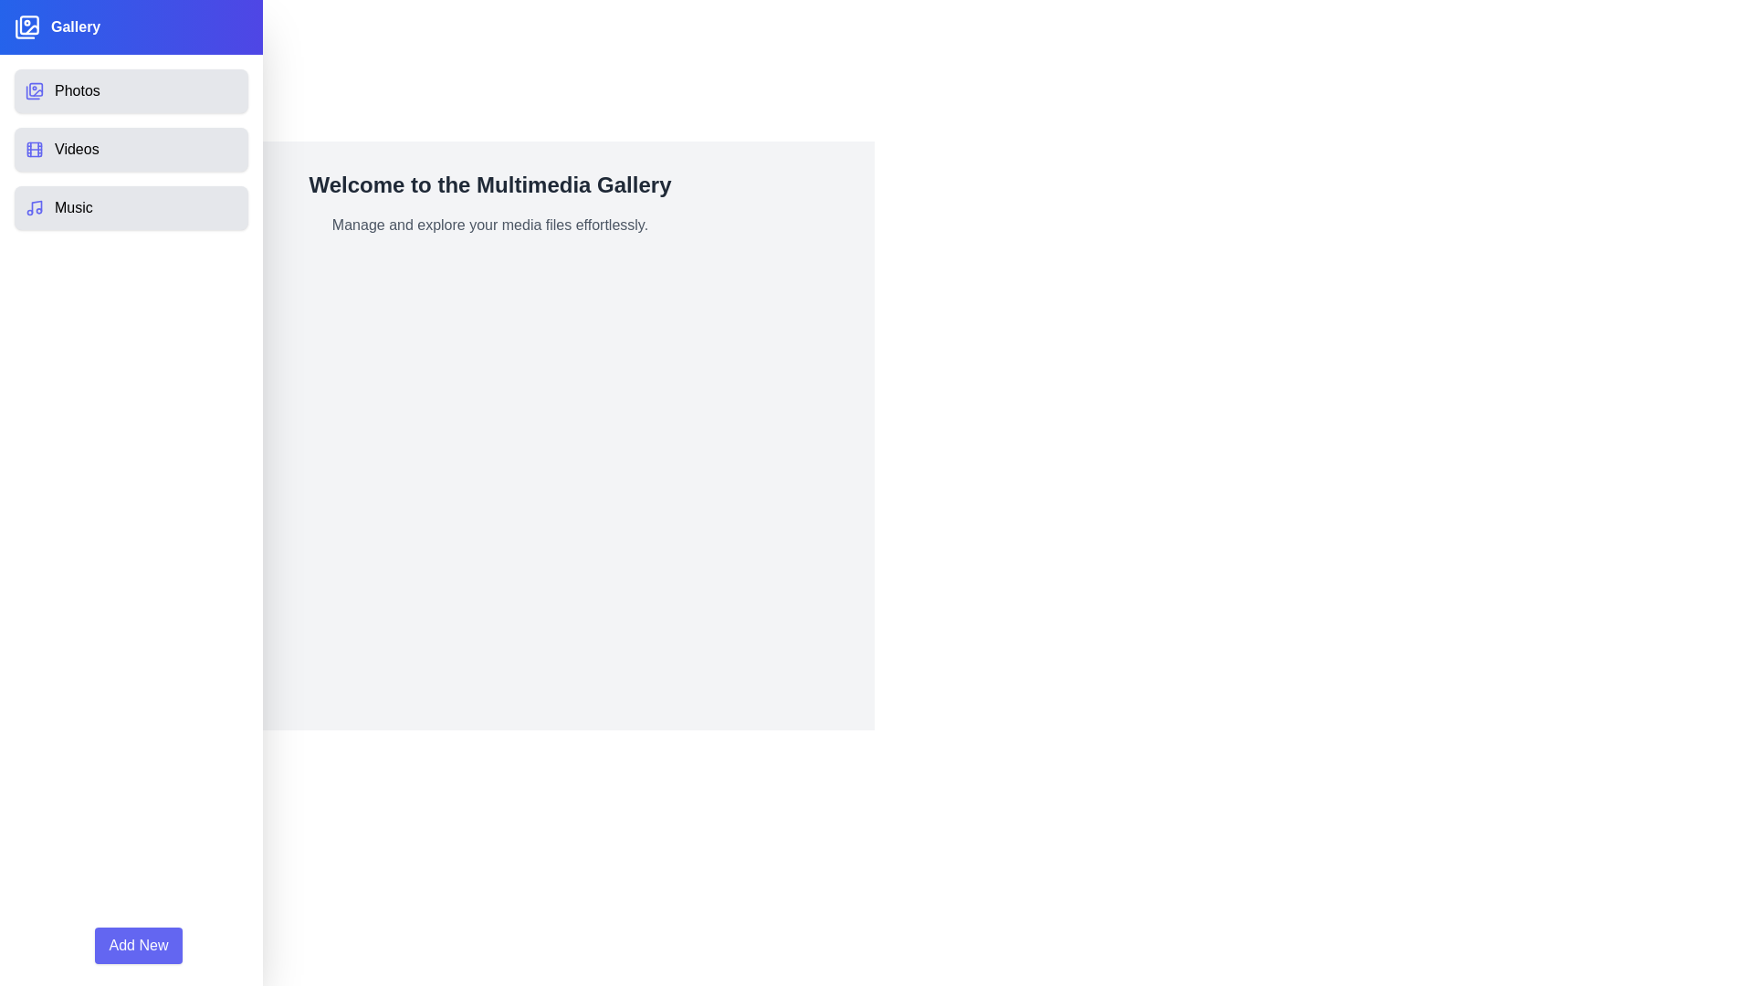 Image resolution: width=1753 pixels, height=986 pixels. I want to click on the Music category in the Multimedia Gallery Drawer, so click(131, 206).